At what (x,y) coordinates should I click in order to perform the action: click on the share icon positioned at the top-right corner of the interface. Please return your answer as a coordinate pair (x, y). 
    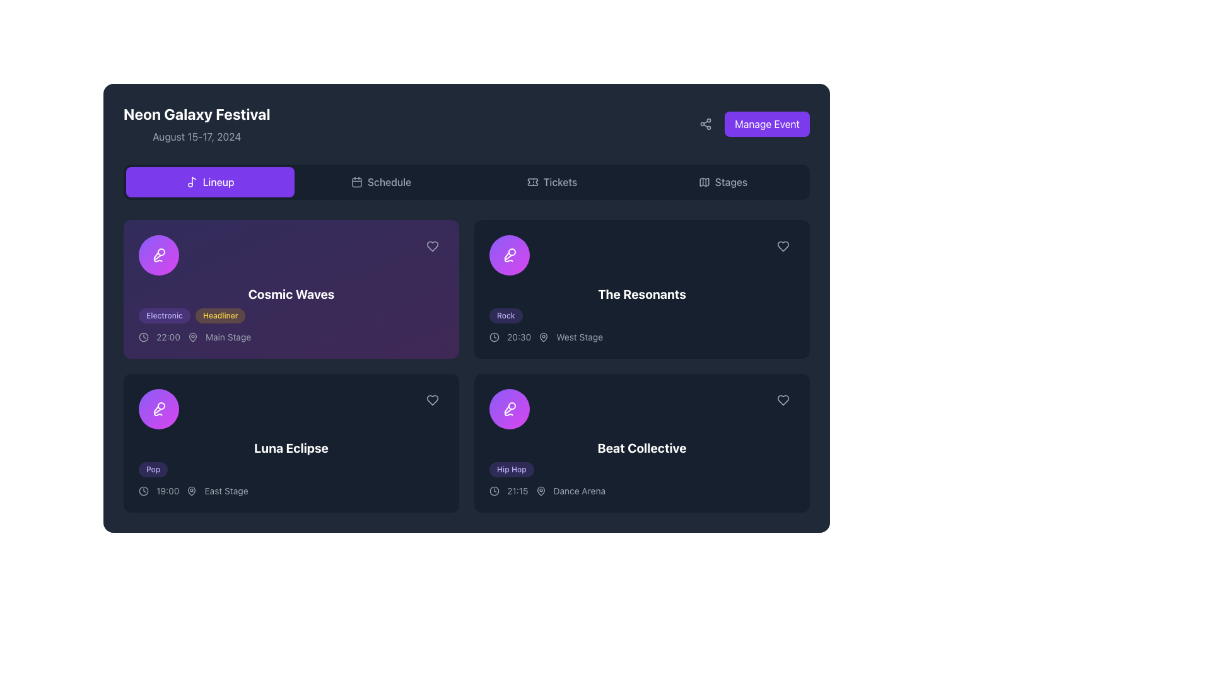
    Looking at the image, I should click on (705, 124).